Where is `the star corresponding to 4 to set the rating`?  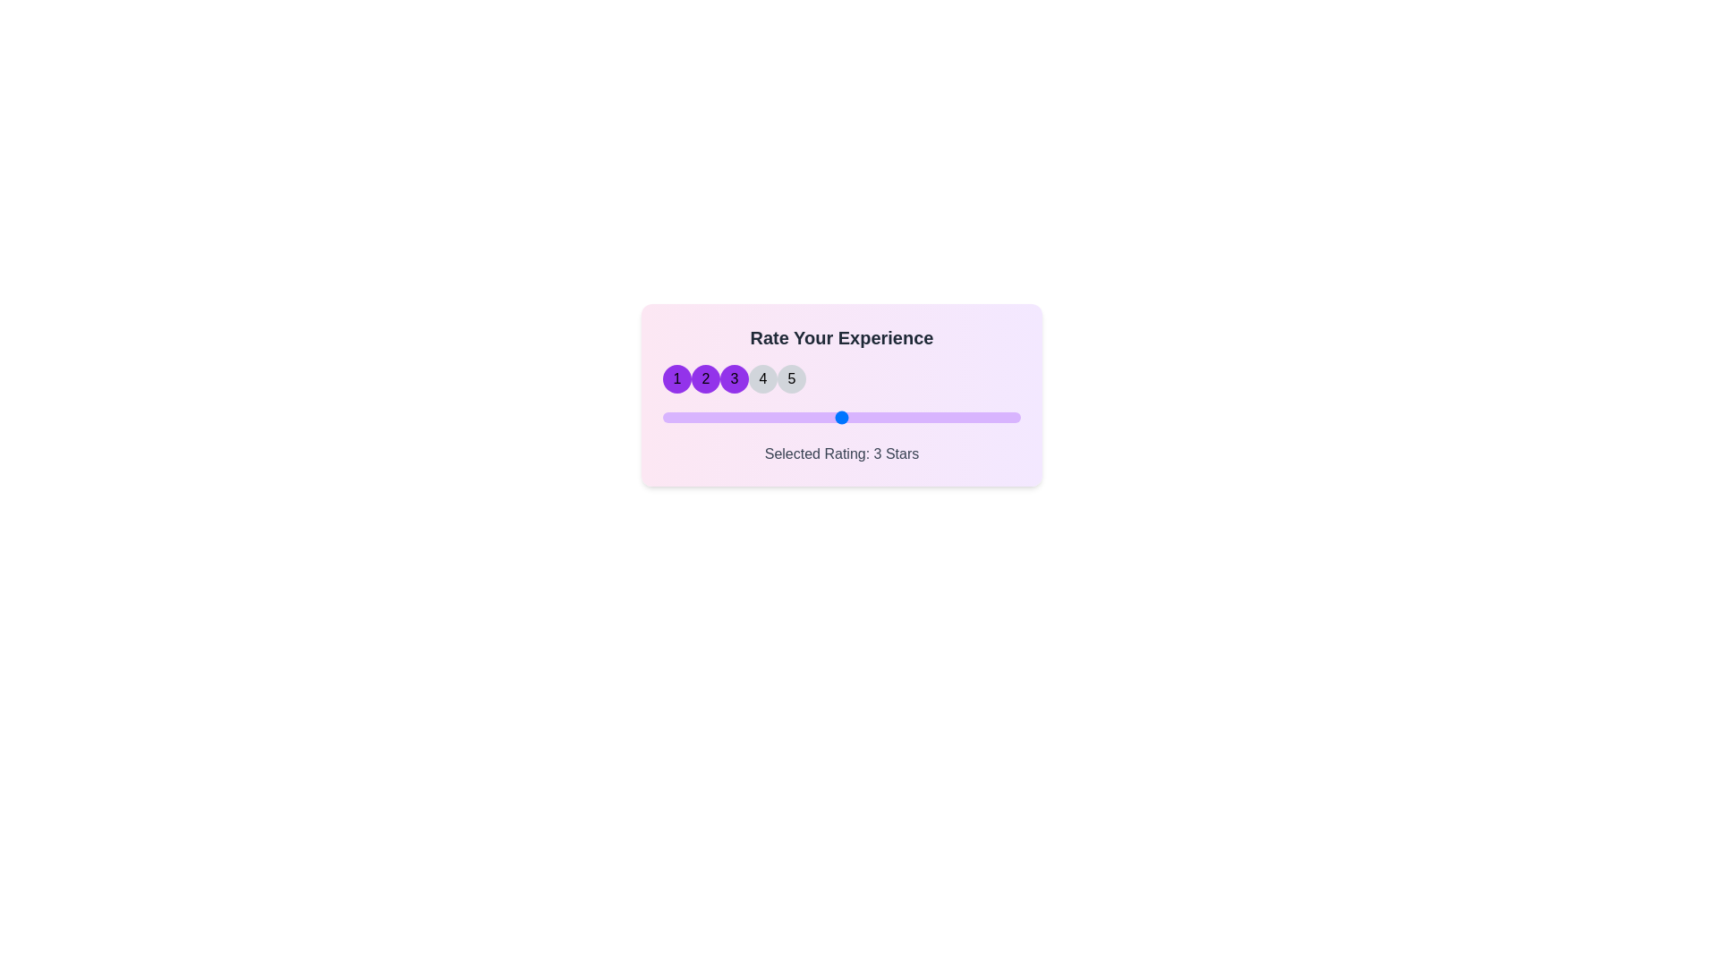
the star corresponding to 4 to set the rating is located at coordinates (763, 378).